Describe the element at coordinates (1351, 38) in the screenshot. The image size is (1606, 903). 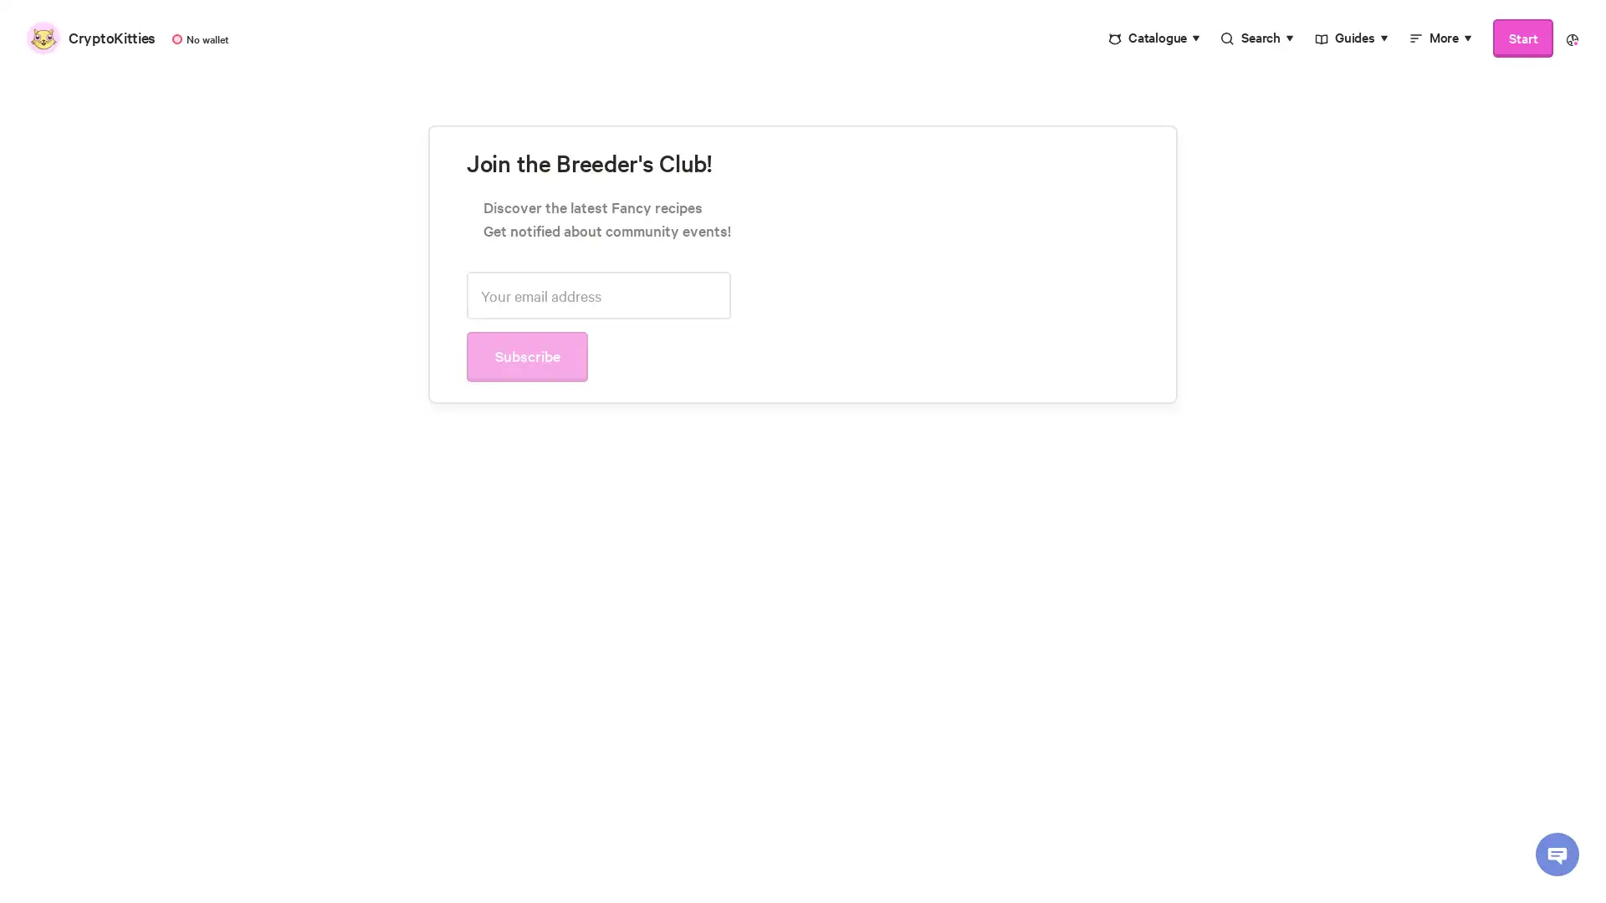
I see `Guides` at that location.